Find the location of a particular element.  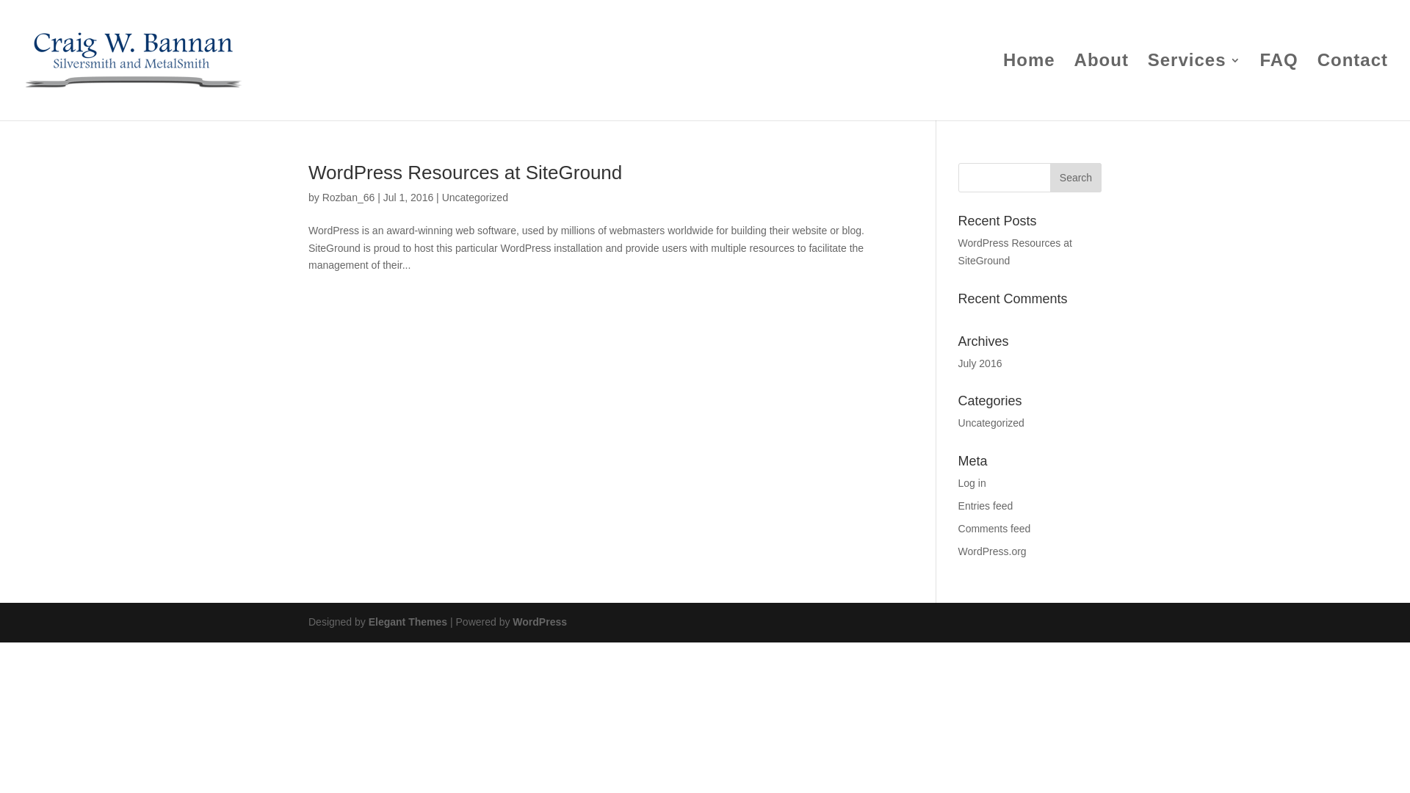

'Entries feed' is located at coordinates (986, 505).